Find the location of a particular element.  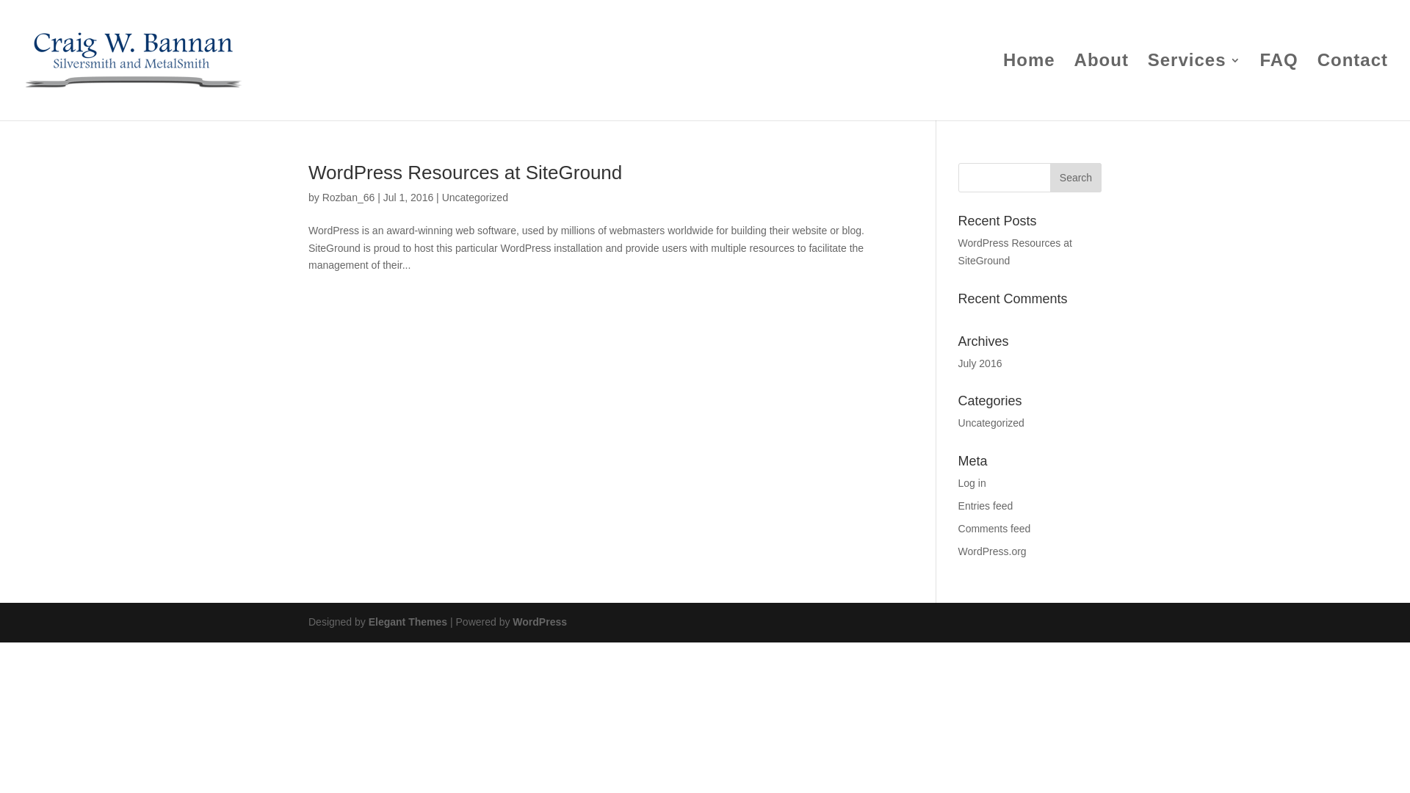

'Entries feed' is located at coordinates (986, 505).